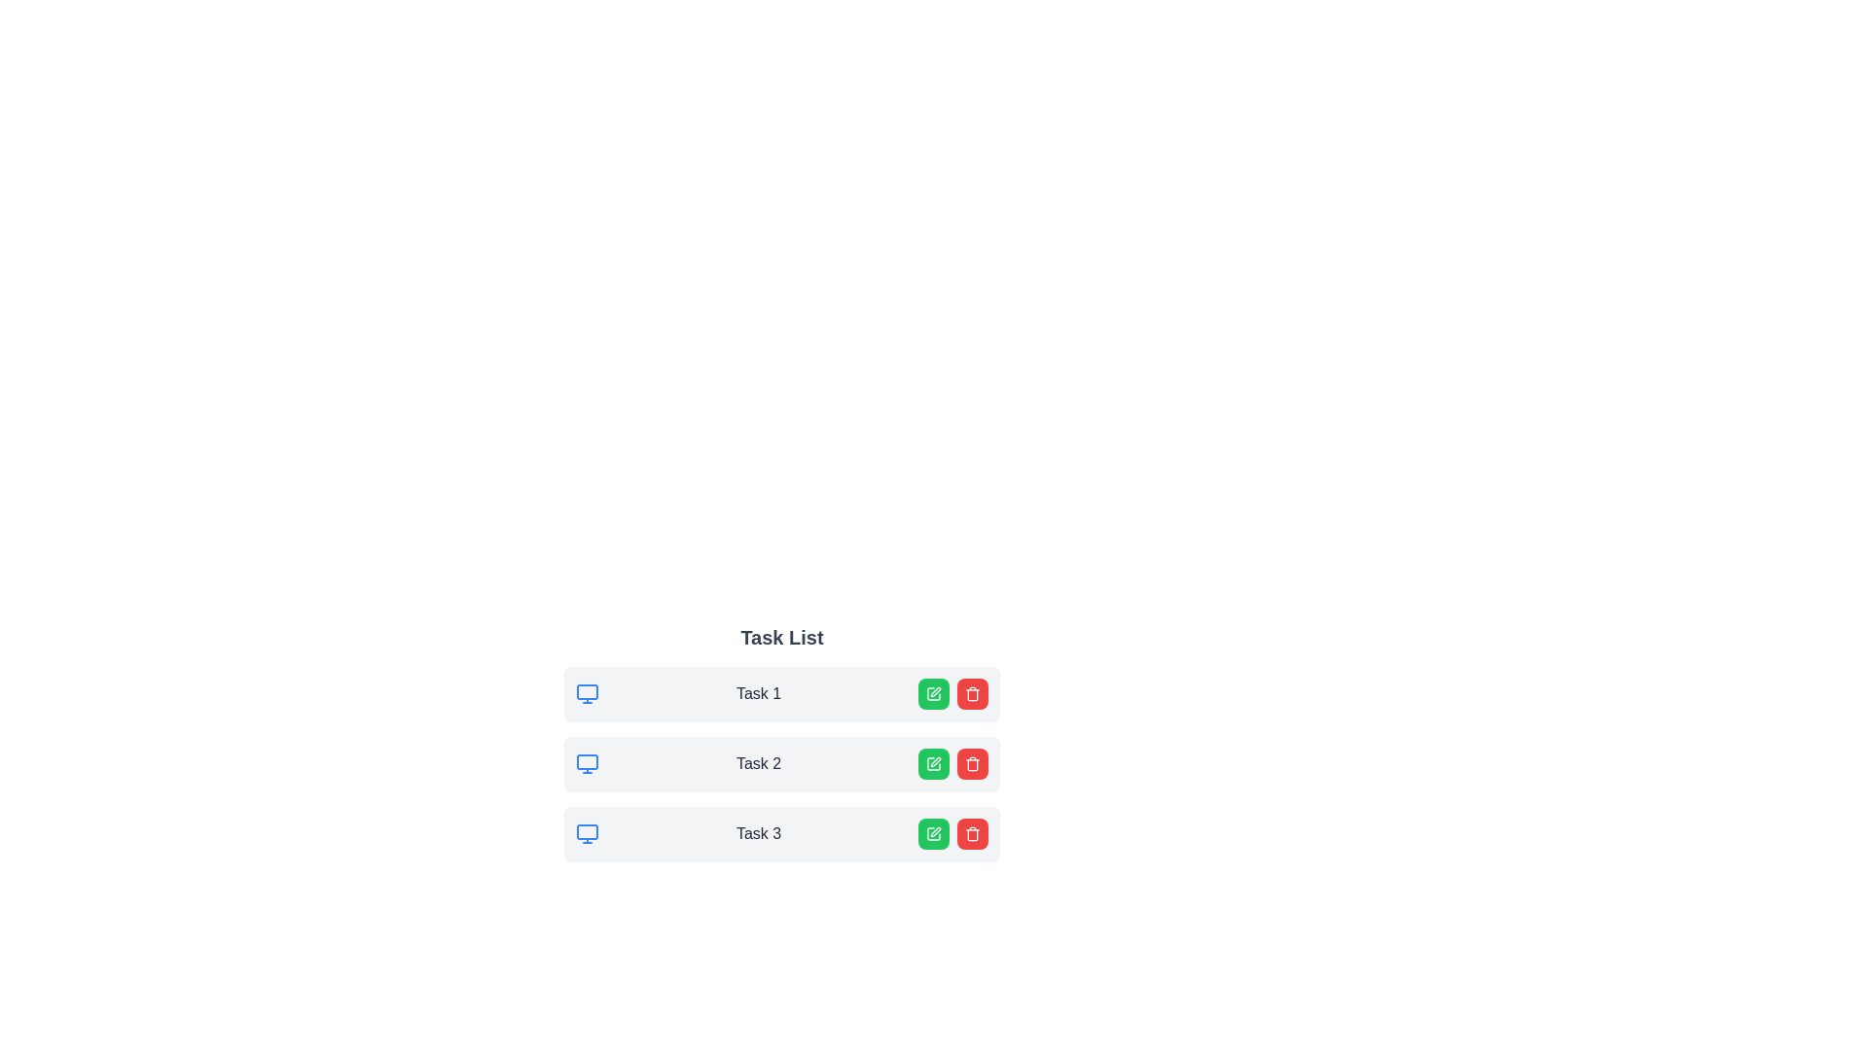  What do you see at coordinates (934, 763) in the screenshot?
I see `the rounded green button with a white pen icon located on the right side of the second row of the task list` at bounding box center [934, 763].